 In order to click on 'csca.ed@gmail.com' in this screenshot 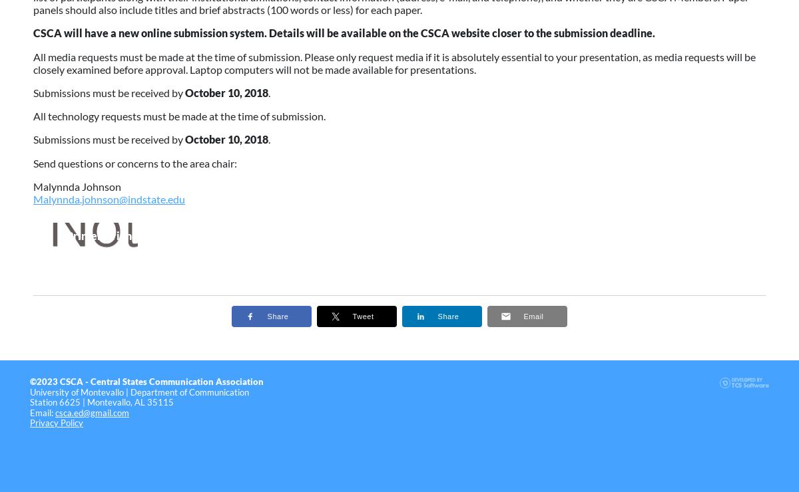, I will do `click(92, 411)`.